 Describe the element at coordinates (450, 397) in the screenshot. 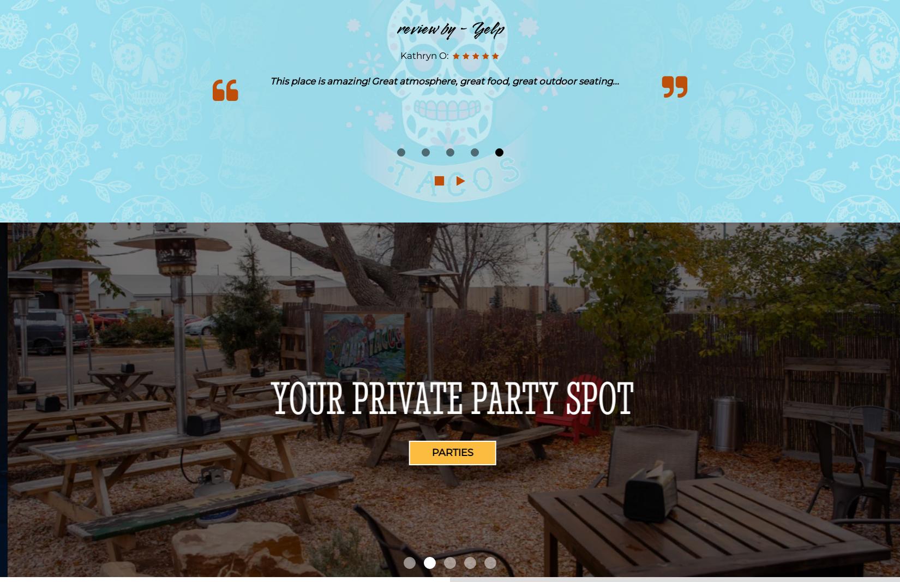

I see `'Make a reservation here'` at that location.